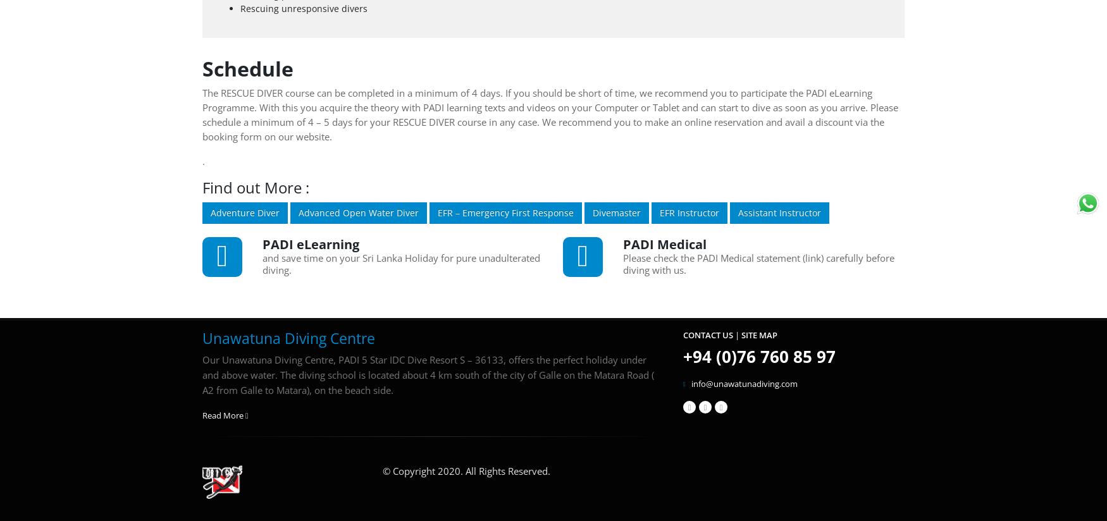 The height and width of the screenshot is (521, 1107). Describe the element at coordinates (304, 7) in the screenshot. I see `'Rescuing unresponsive divers'` at that location.